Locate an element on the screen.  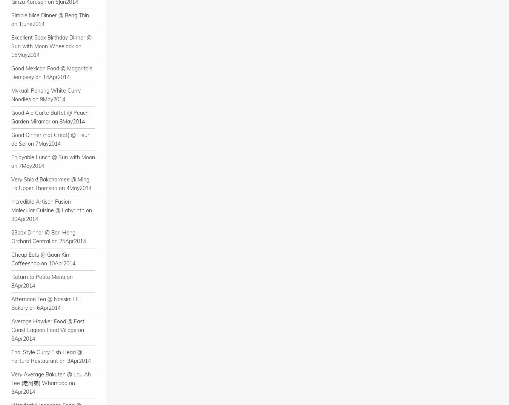
'Incredible Artisan Fusion Molecular Cuisine @ Labyrinth on 30Apr2014' is located at coordinates (52, 210).